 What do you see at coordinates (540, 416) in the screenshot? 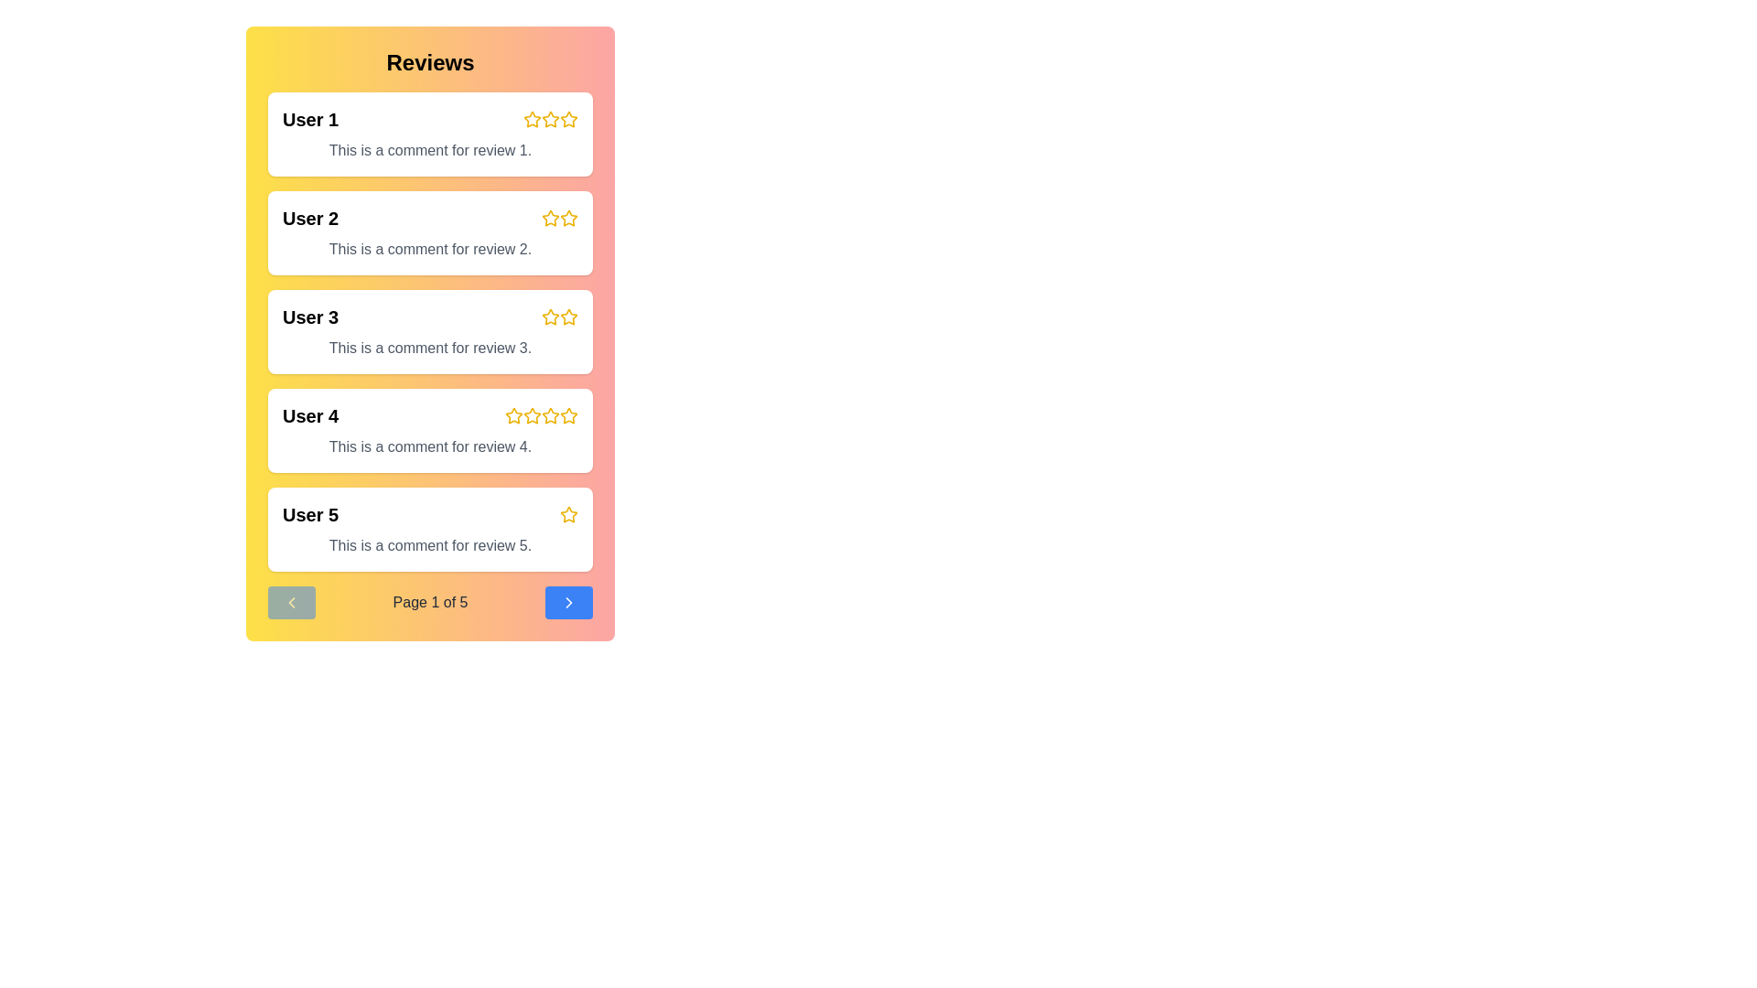
I see `the Rating star icon for 'User 4', which is located in the middle of a set of five stars used for rating` at bounding box center [540, 416].